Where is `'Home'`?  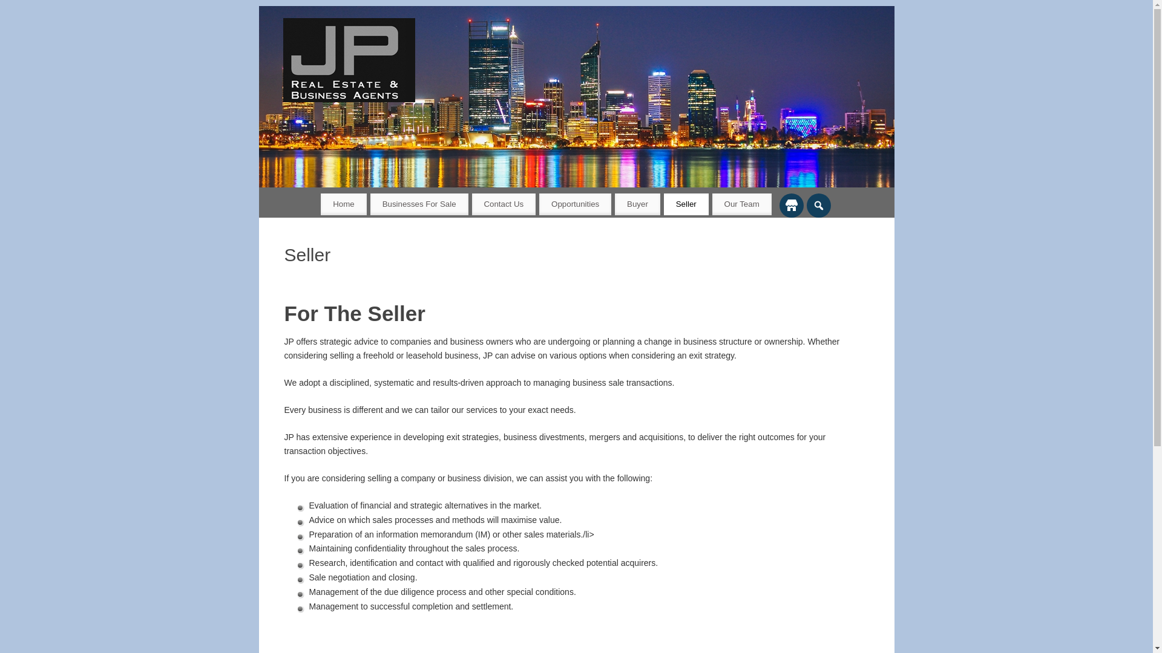
'Home' is located at coordinates (343, 204).